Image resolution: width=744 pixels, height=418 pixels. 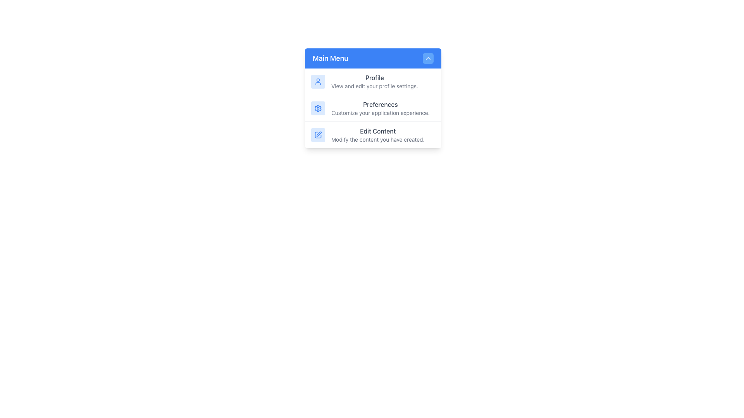 I want to click on the text label that reads 'Customize your application experience.', located below the 'Preferences' text and styled in small gray font, so click(x=380, y=113).